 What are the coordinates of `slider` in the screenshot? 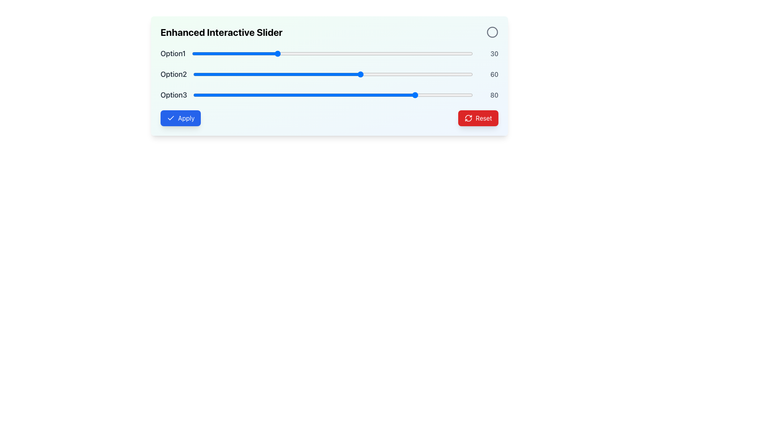 It's located at (394, 74).